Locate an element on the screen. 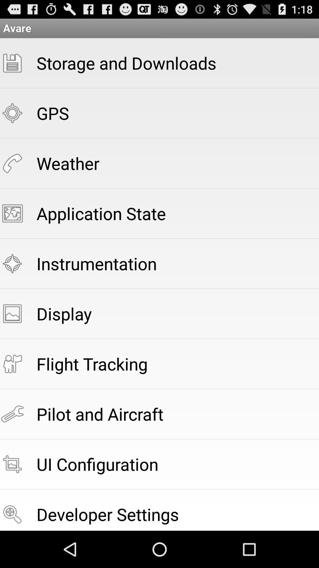 The image size is (319, 568). the display icon is located at coordinates (64, 313).